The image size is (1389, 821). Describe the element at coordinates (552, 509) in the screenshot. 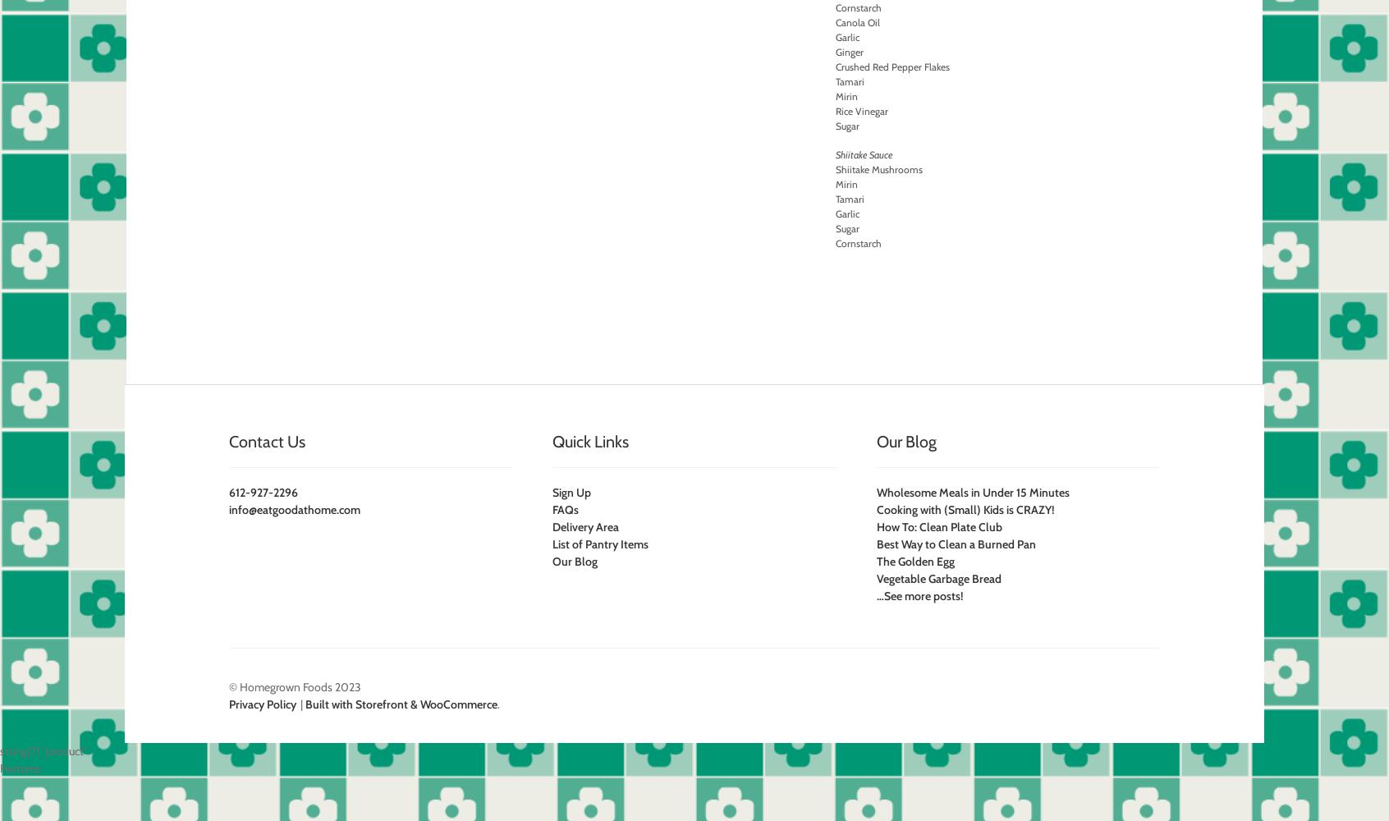

I see `'FAQs'` at that location.